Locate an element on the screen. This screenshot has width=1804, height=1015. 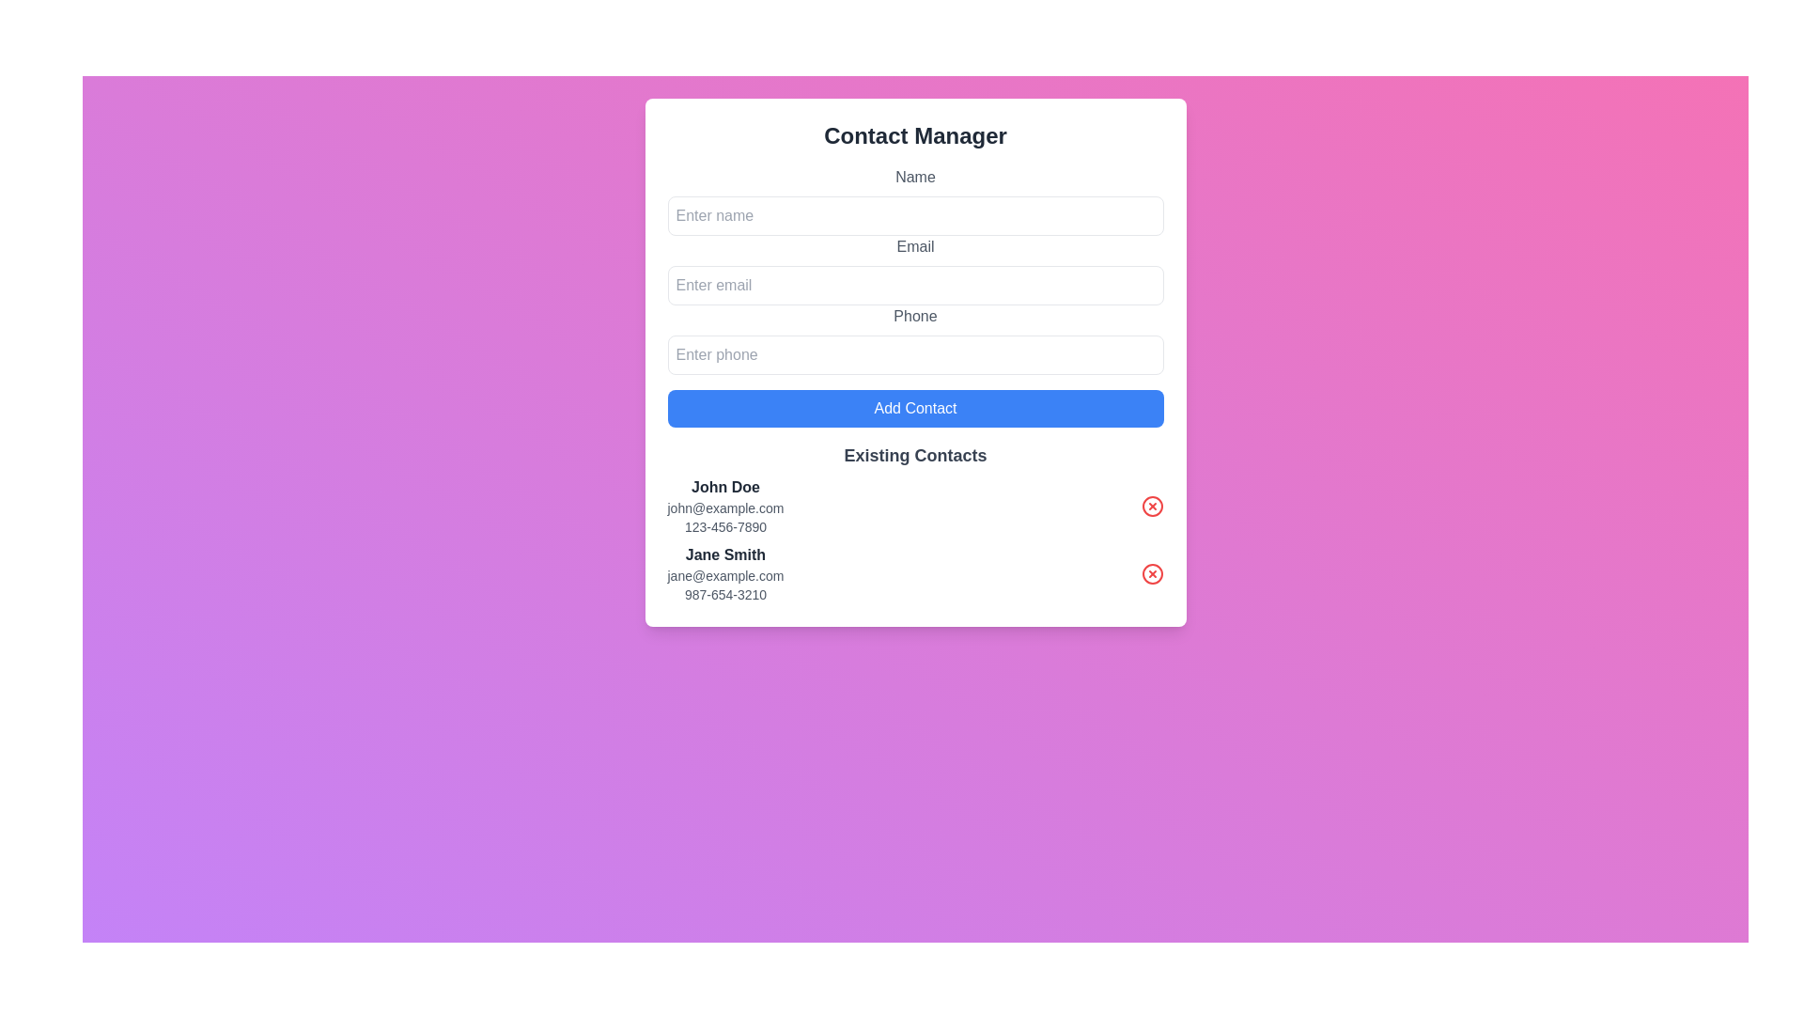
the Text Label that serves as a header for the 'Existing Contacts' section, positioned below the 'Add Contact' button and above the contact entries is located at coordinates (915, 456).